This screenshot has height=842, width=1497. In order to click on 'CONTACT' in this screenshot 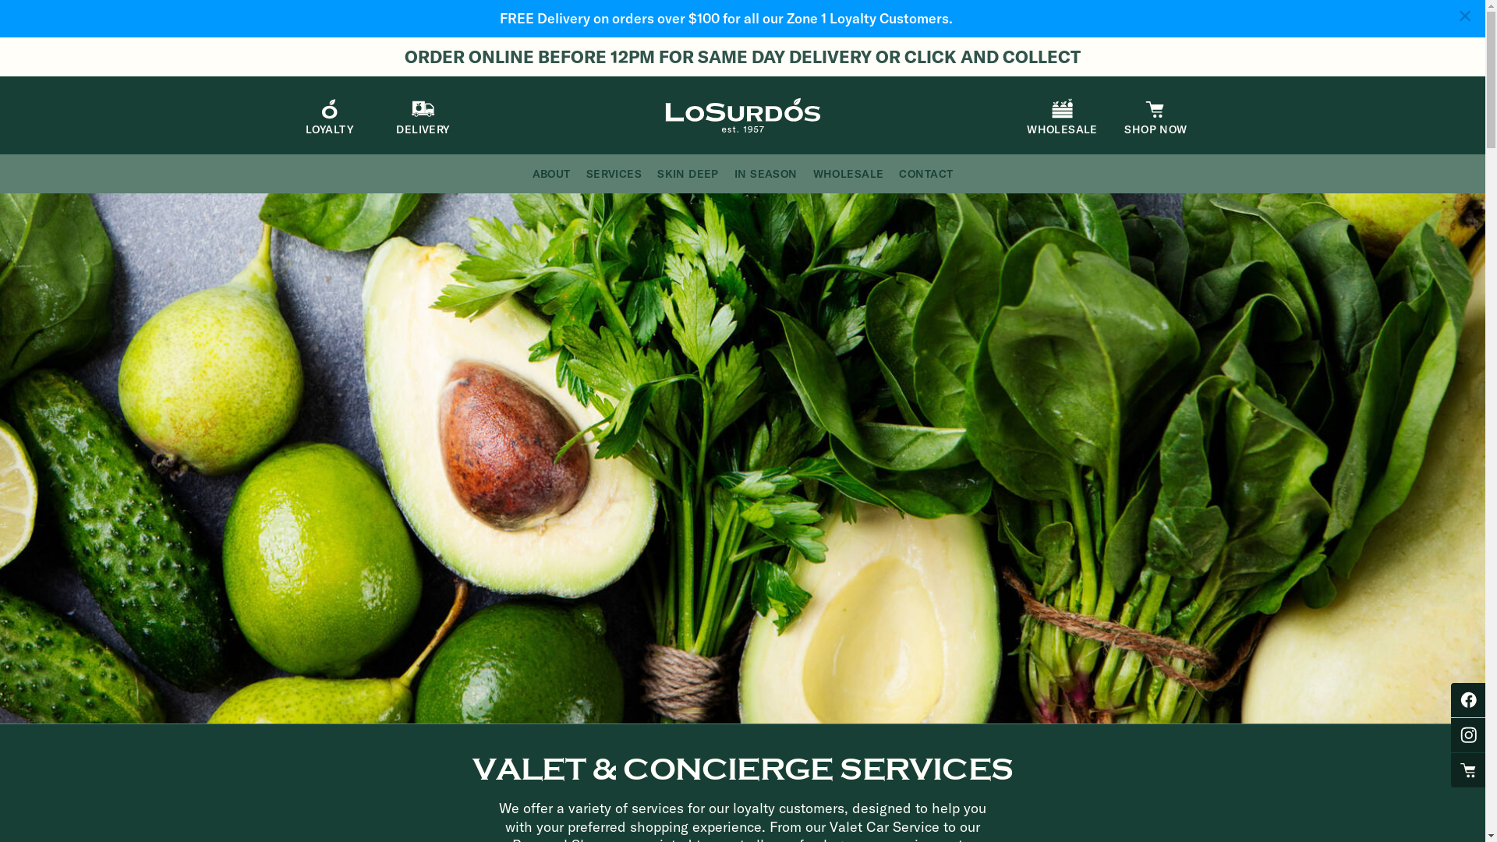, I will do `click(925, 174)`.